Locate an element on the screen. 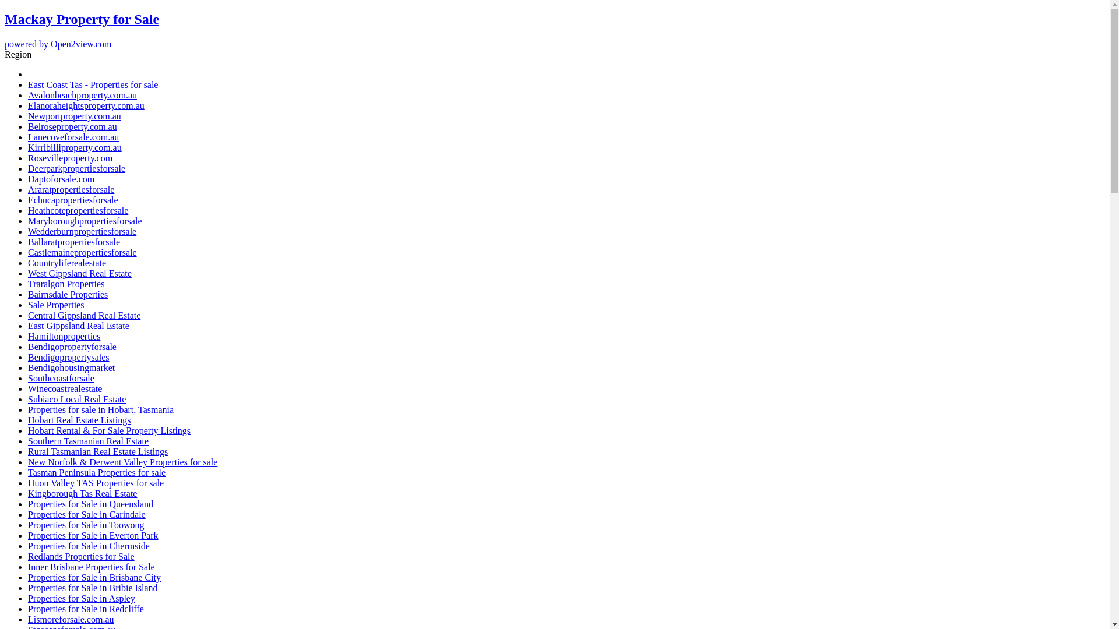 The width and height of the screenshot is (1119, 629). 'Castlemainepropertiesforsale' is located at coordinates (28, 252).